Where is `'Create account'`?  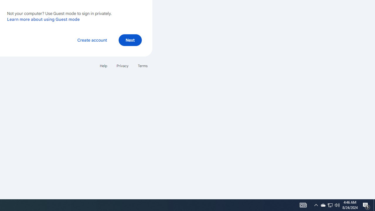 'Create account' is located at coordinates (92, 40).